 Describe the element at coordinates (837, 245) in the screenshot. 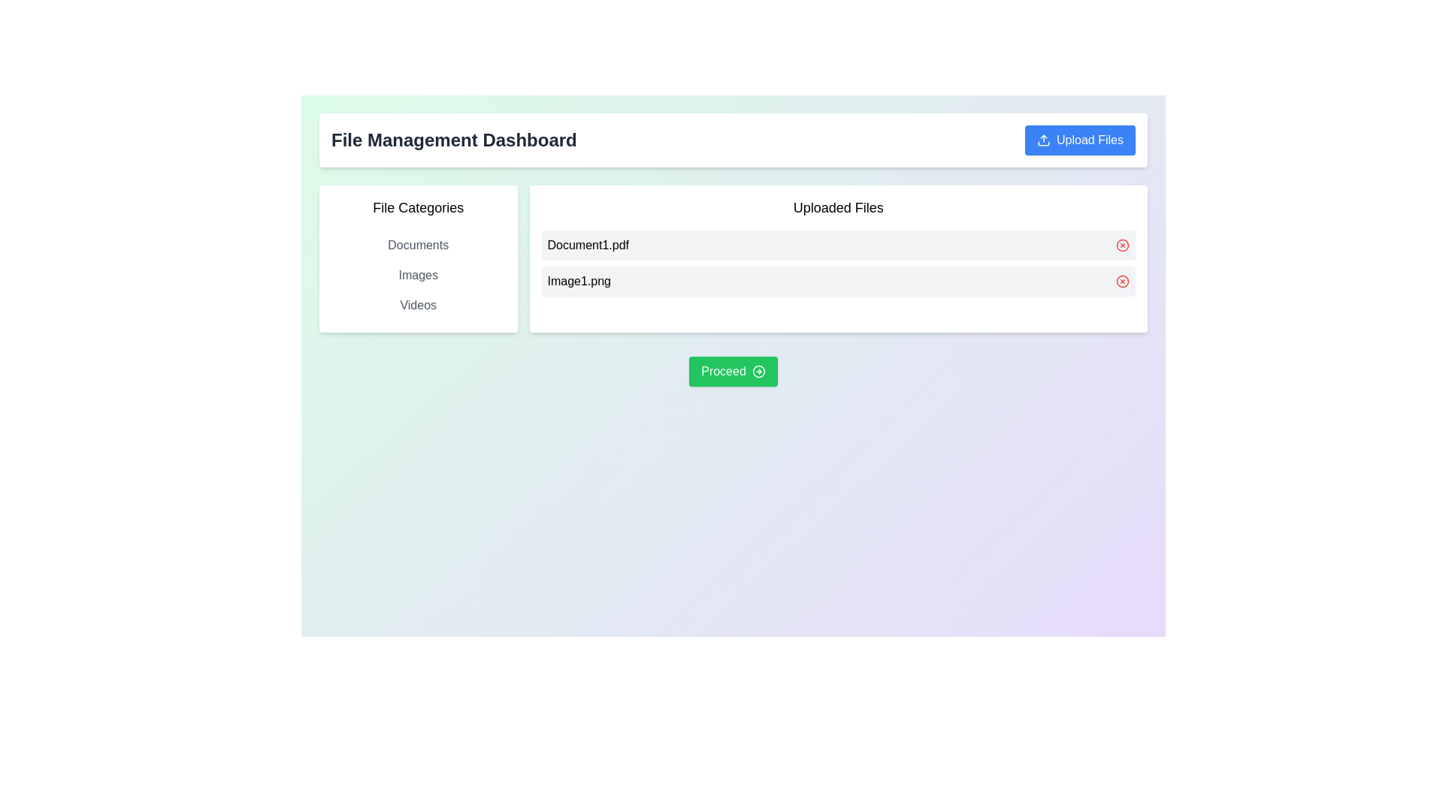

I see `file name 'Document1.pdf' from the first file list item in the 'Uploaded Files' section` at that location.